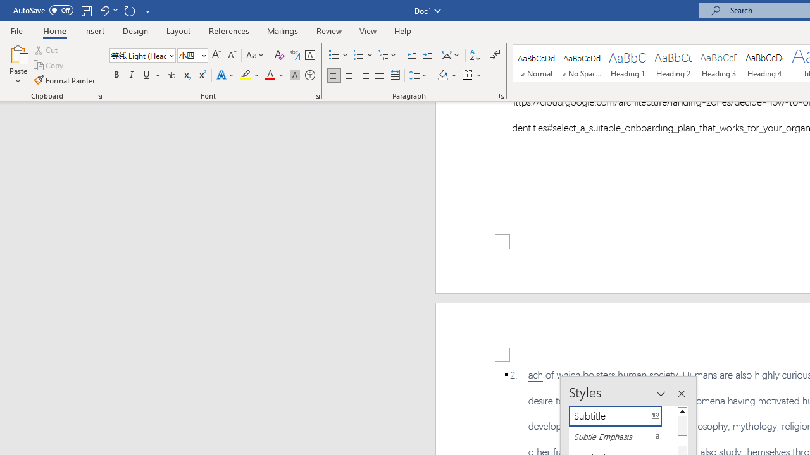 This screenshot has width=810, height=455. Describe the element at coordinates (402, 30) in the screenshot. I see `'Help'` at that location.